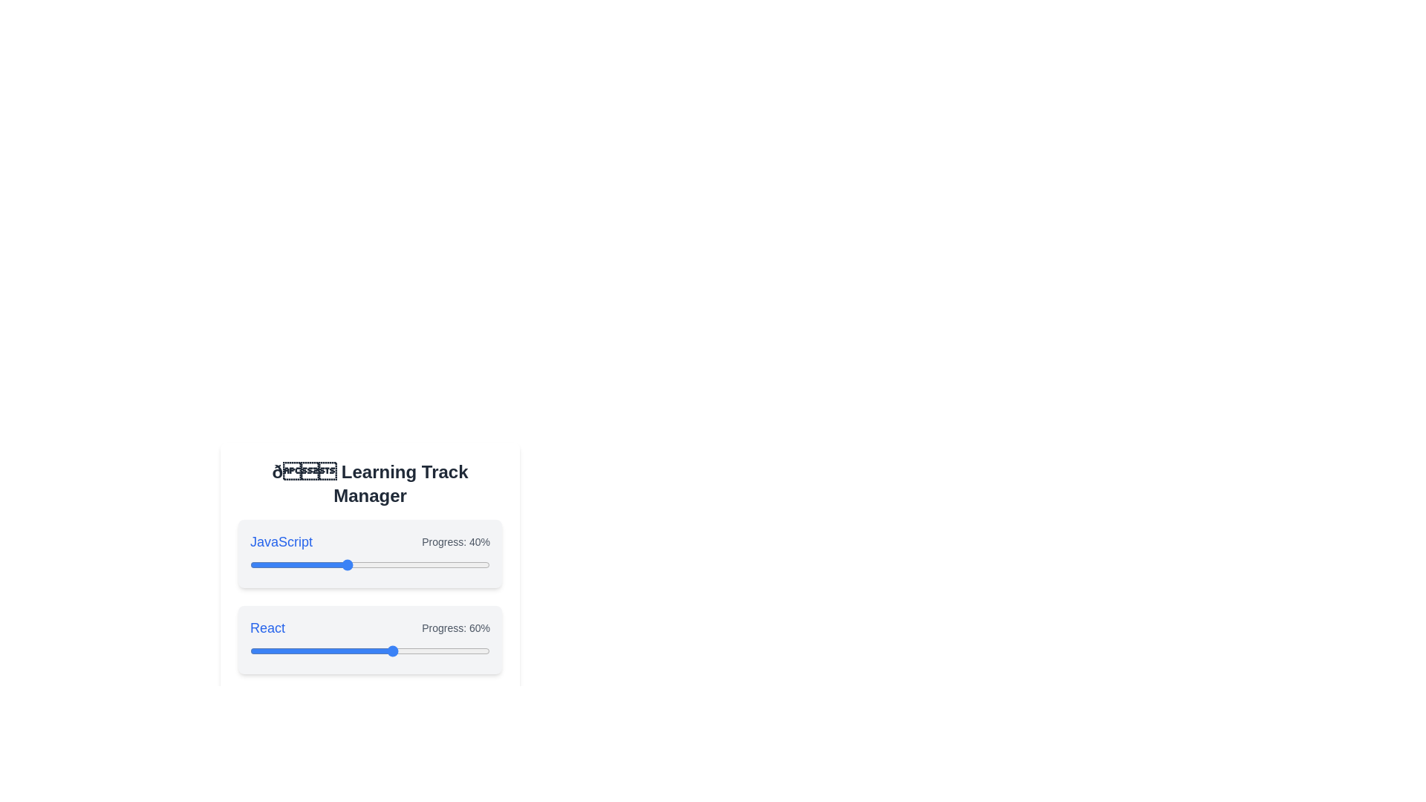  What do you see at coordinates (350, 564) in the screenshot?
I see `the progress for 'JavaScript' track` at bounding box center [350, 564].